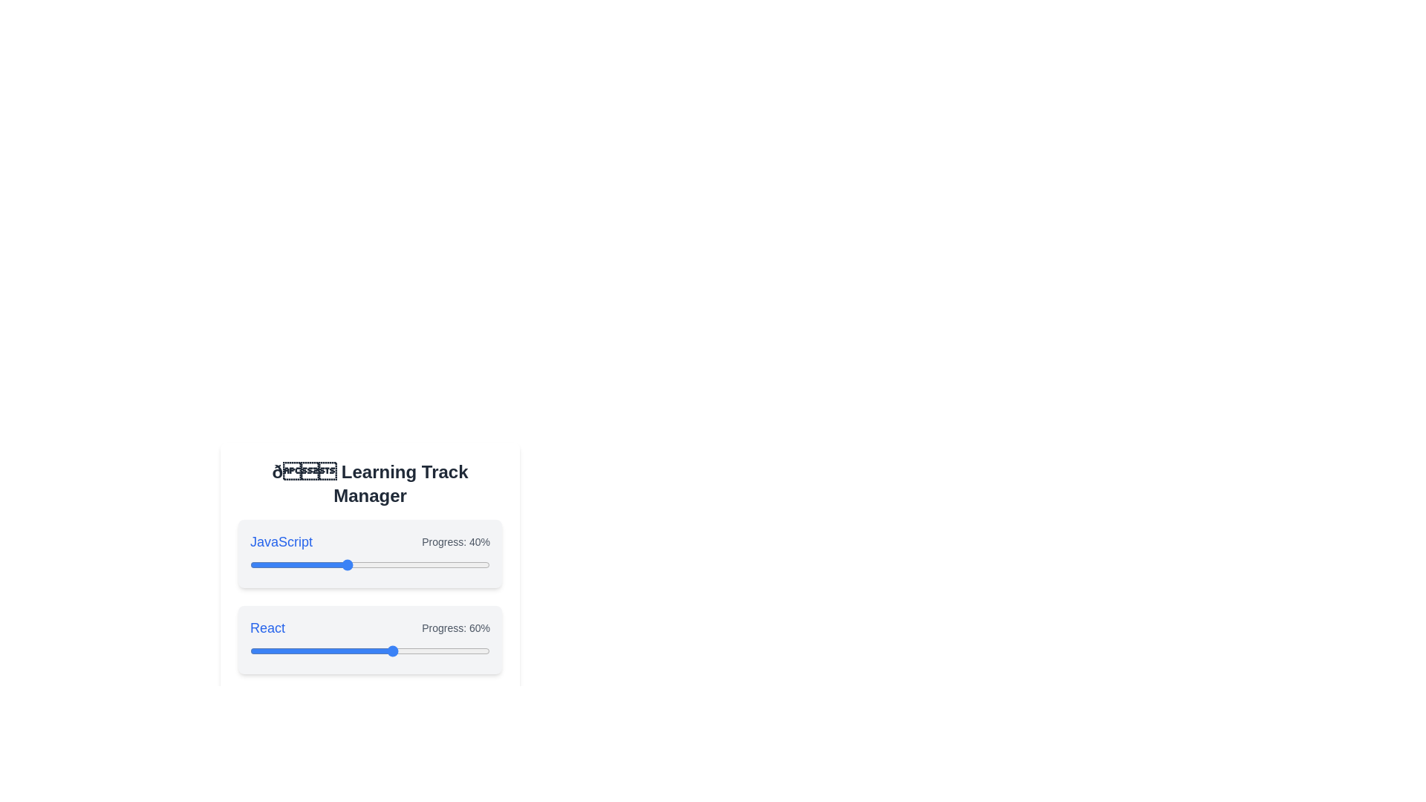  What do you see at coordinates (350, 564) in the screenshot?
I see `the progress for 'JavaScript' track` at bounding box center [350, 564].